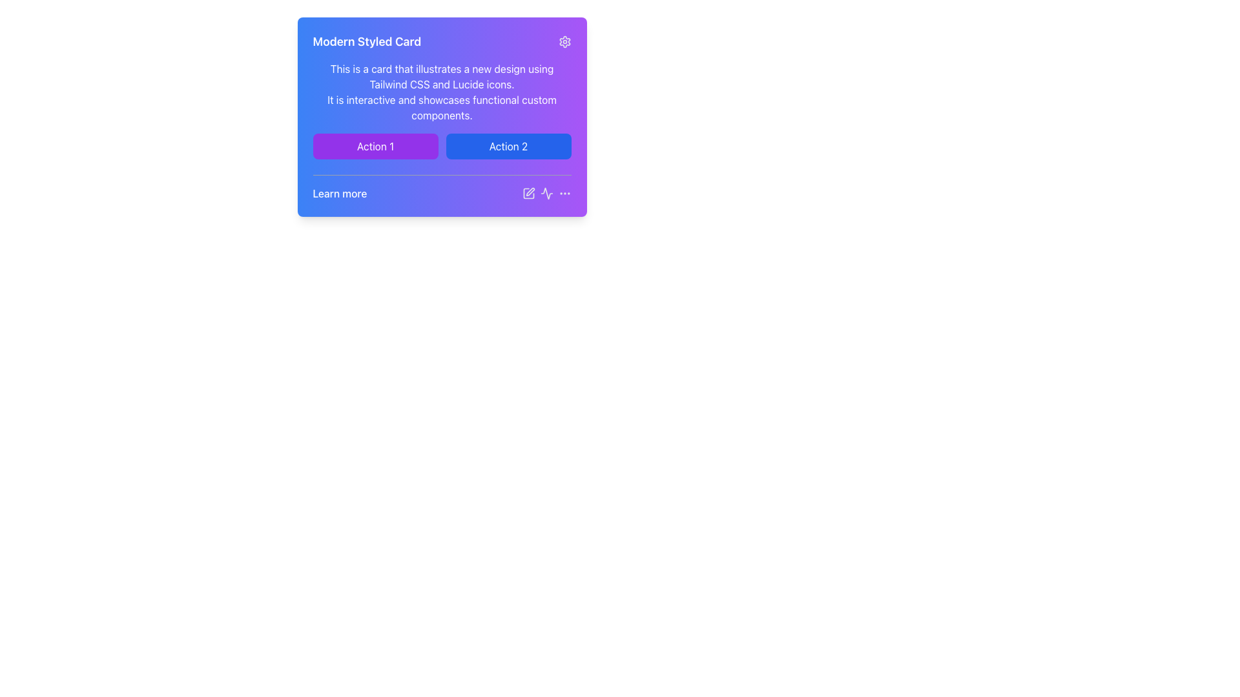  What do you see at coordinates (442, 106) in the screenshot?
I see `the second text item that reads, 'It is interactive and showcases functional custom components,' which is located within a purple-to-blue gradient background in the 'Modern Styled Card.'` at bounding box center [442, 106].